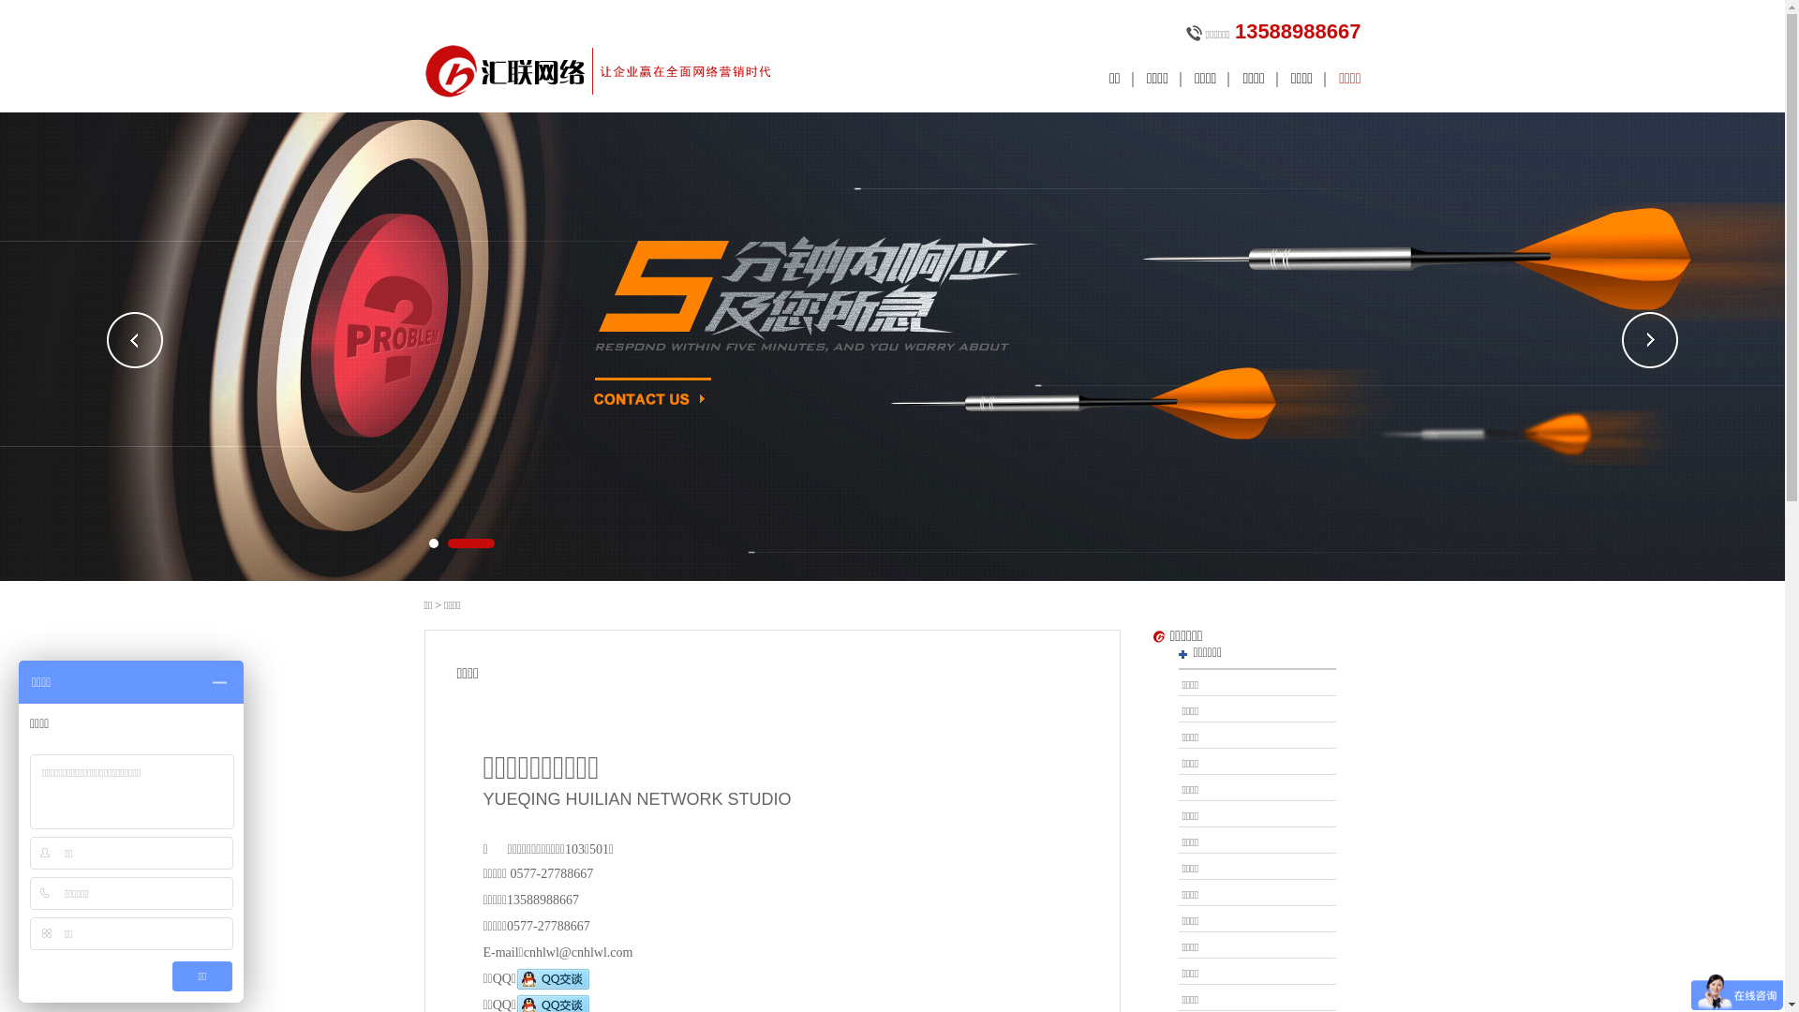 The height and width of the screenshot is (1012, 1799). What do you see at coordinates (577, 952) in the screenshot?
I see `'cnhlwl@cnhlwl.com'` at bounding box center [577, 952].